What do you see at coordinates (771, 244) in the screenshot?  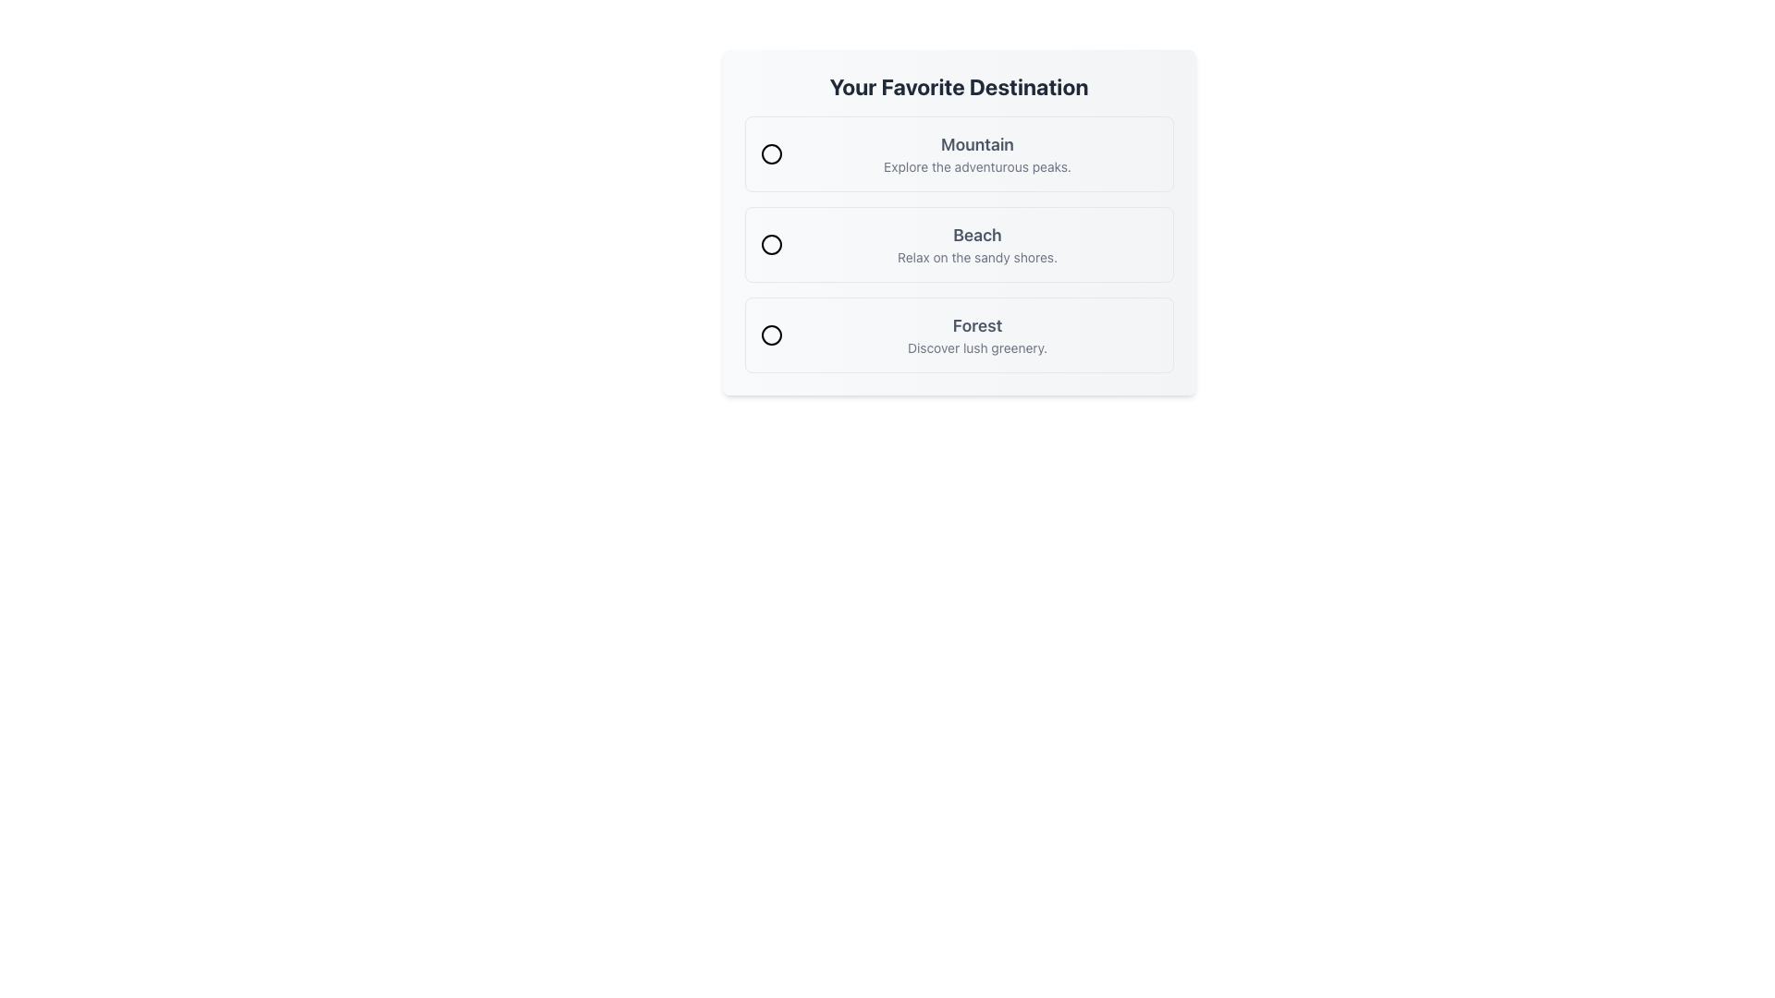 I see `the radio button located to the left of the text 'Beach' in the survey interface` at bounding box center [771, 244].